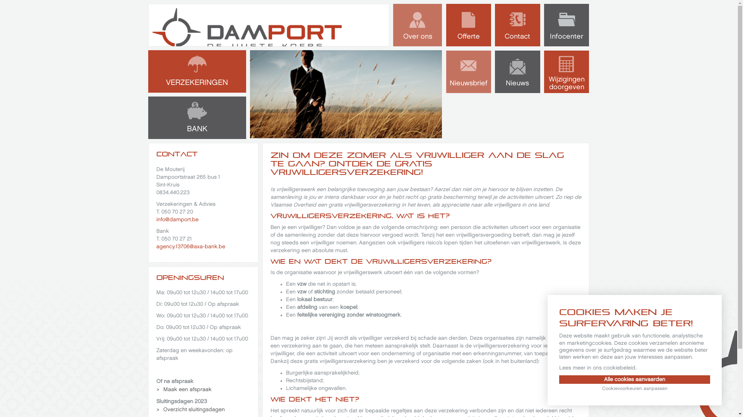 The image size is (743, 417). I want to click on 'agency.13706@axa-bank.be', so click(156, 246).